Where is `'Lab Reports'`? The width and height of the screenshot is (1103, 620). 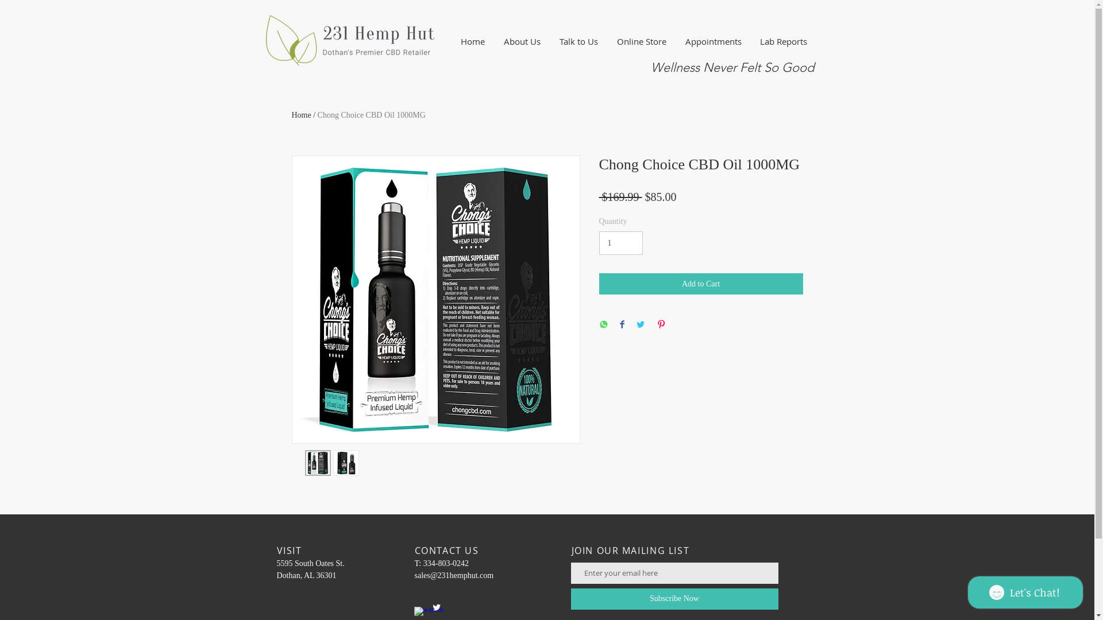 'Lab Reports' is located at coordinates (782, 41).